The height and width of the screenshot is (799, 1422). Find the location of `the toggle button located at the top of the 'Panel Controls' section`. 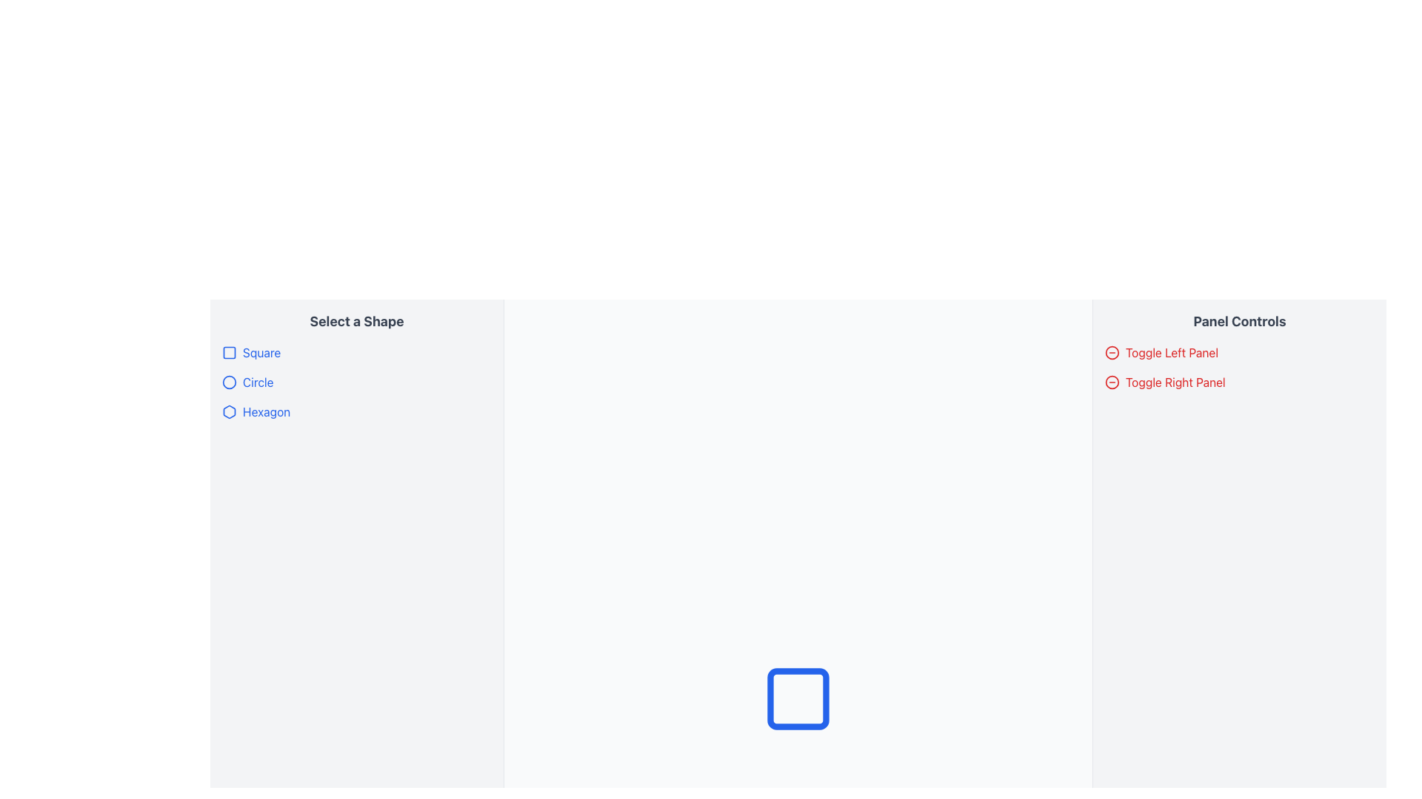

the toggle button located at the top of the 'Panel Controls' section is located at coordinates (1161, 353).